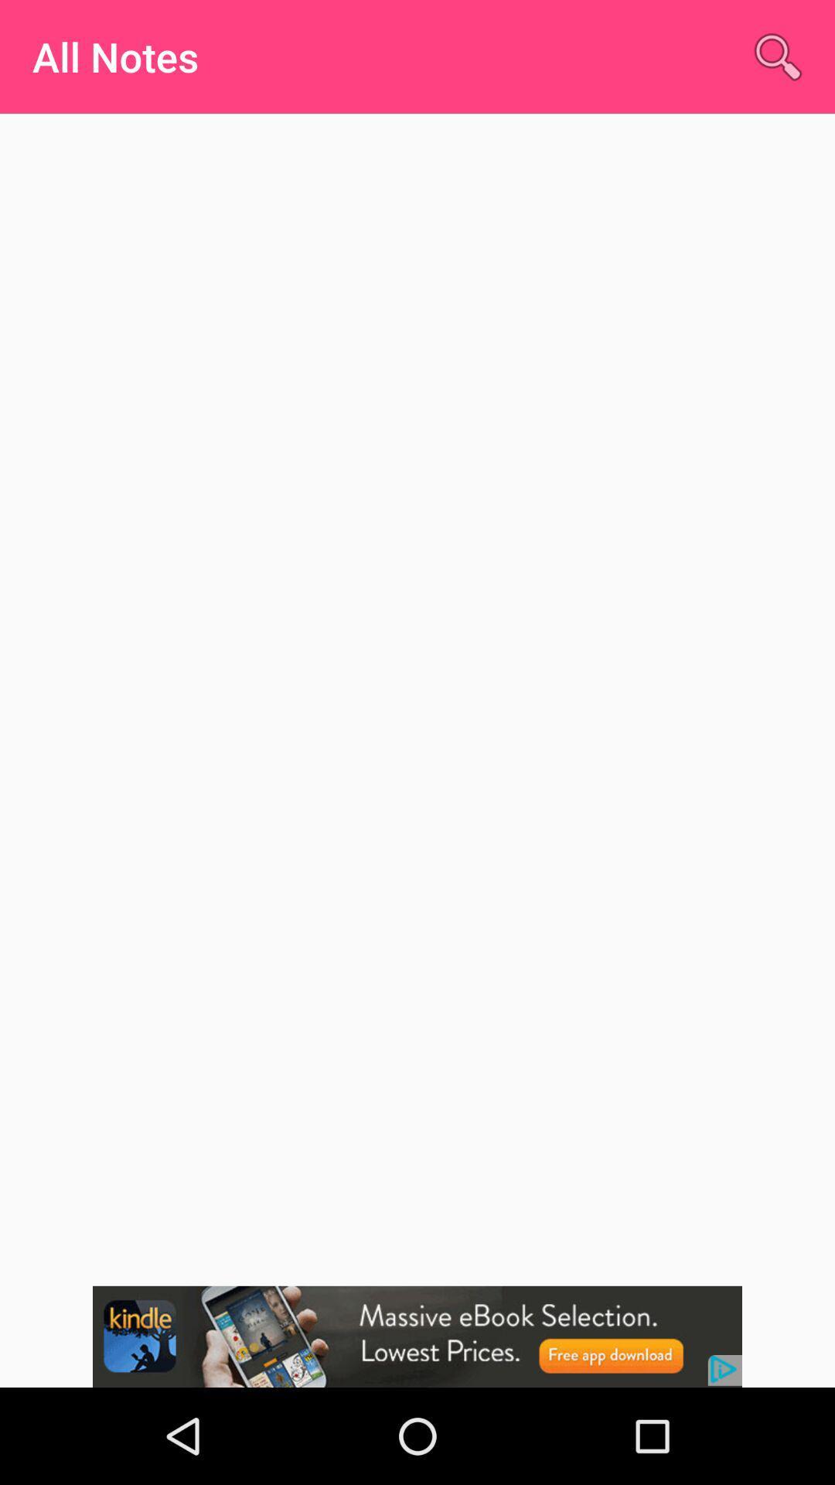  Describe the element at coordinates (417, 1336) in the screenshot. I see `showing the advertisement` at that location.